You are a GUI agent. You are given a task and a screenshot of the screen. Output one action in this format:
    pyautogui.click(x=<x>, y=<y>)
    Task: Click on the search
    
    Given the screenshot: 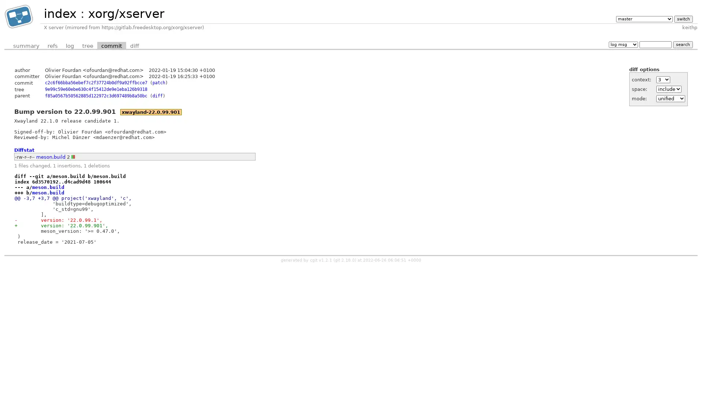 What is the action you would take?
    pyautogui.click(x=682, y=44)
    